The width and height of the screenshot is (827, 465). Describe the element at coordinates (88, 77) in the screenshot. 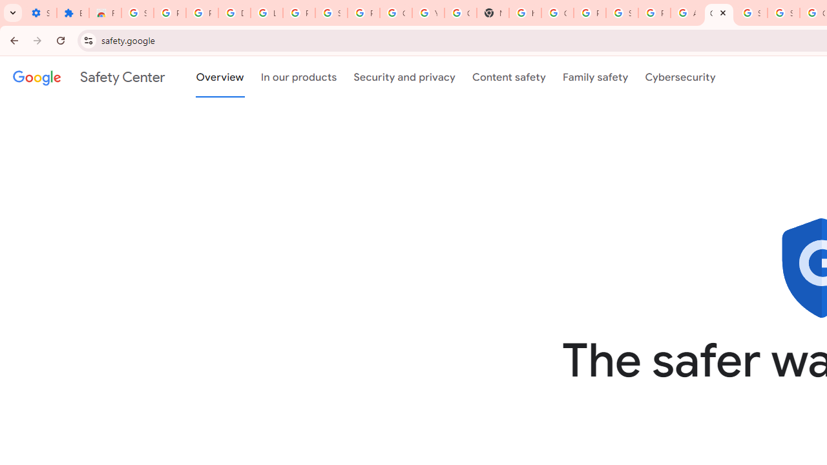

I see `'Safety Center'` at that location.